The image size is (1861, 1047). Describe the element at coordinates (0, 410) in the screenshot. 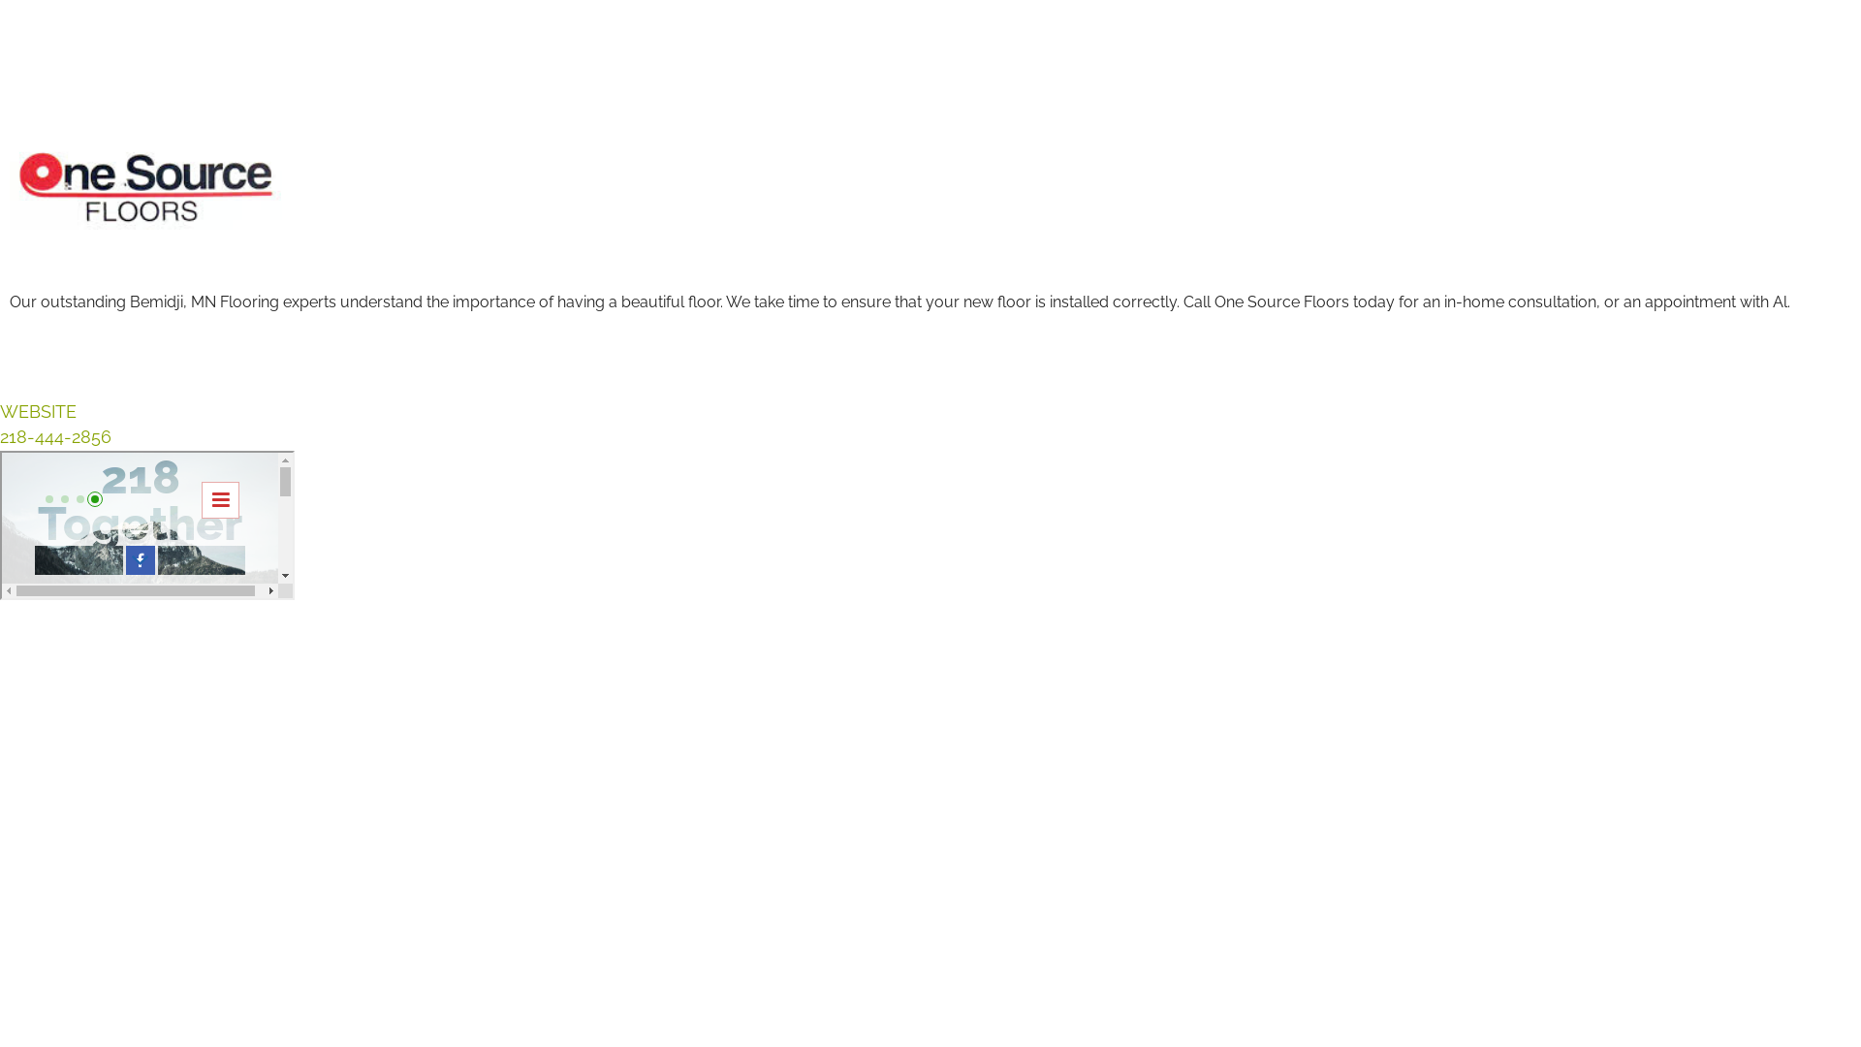

I see `'WEBSITE'` at that location.